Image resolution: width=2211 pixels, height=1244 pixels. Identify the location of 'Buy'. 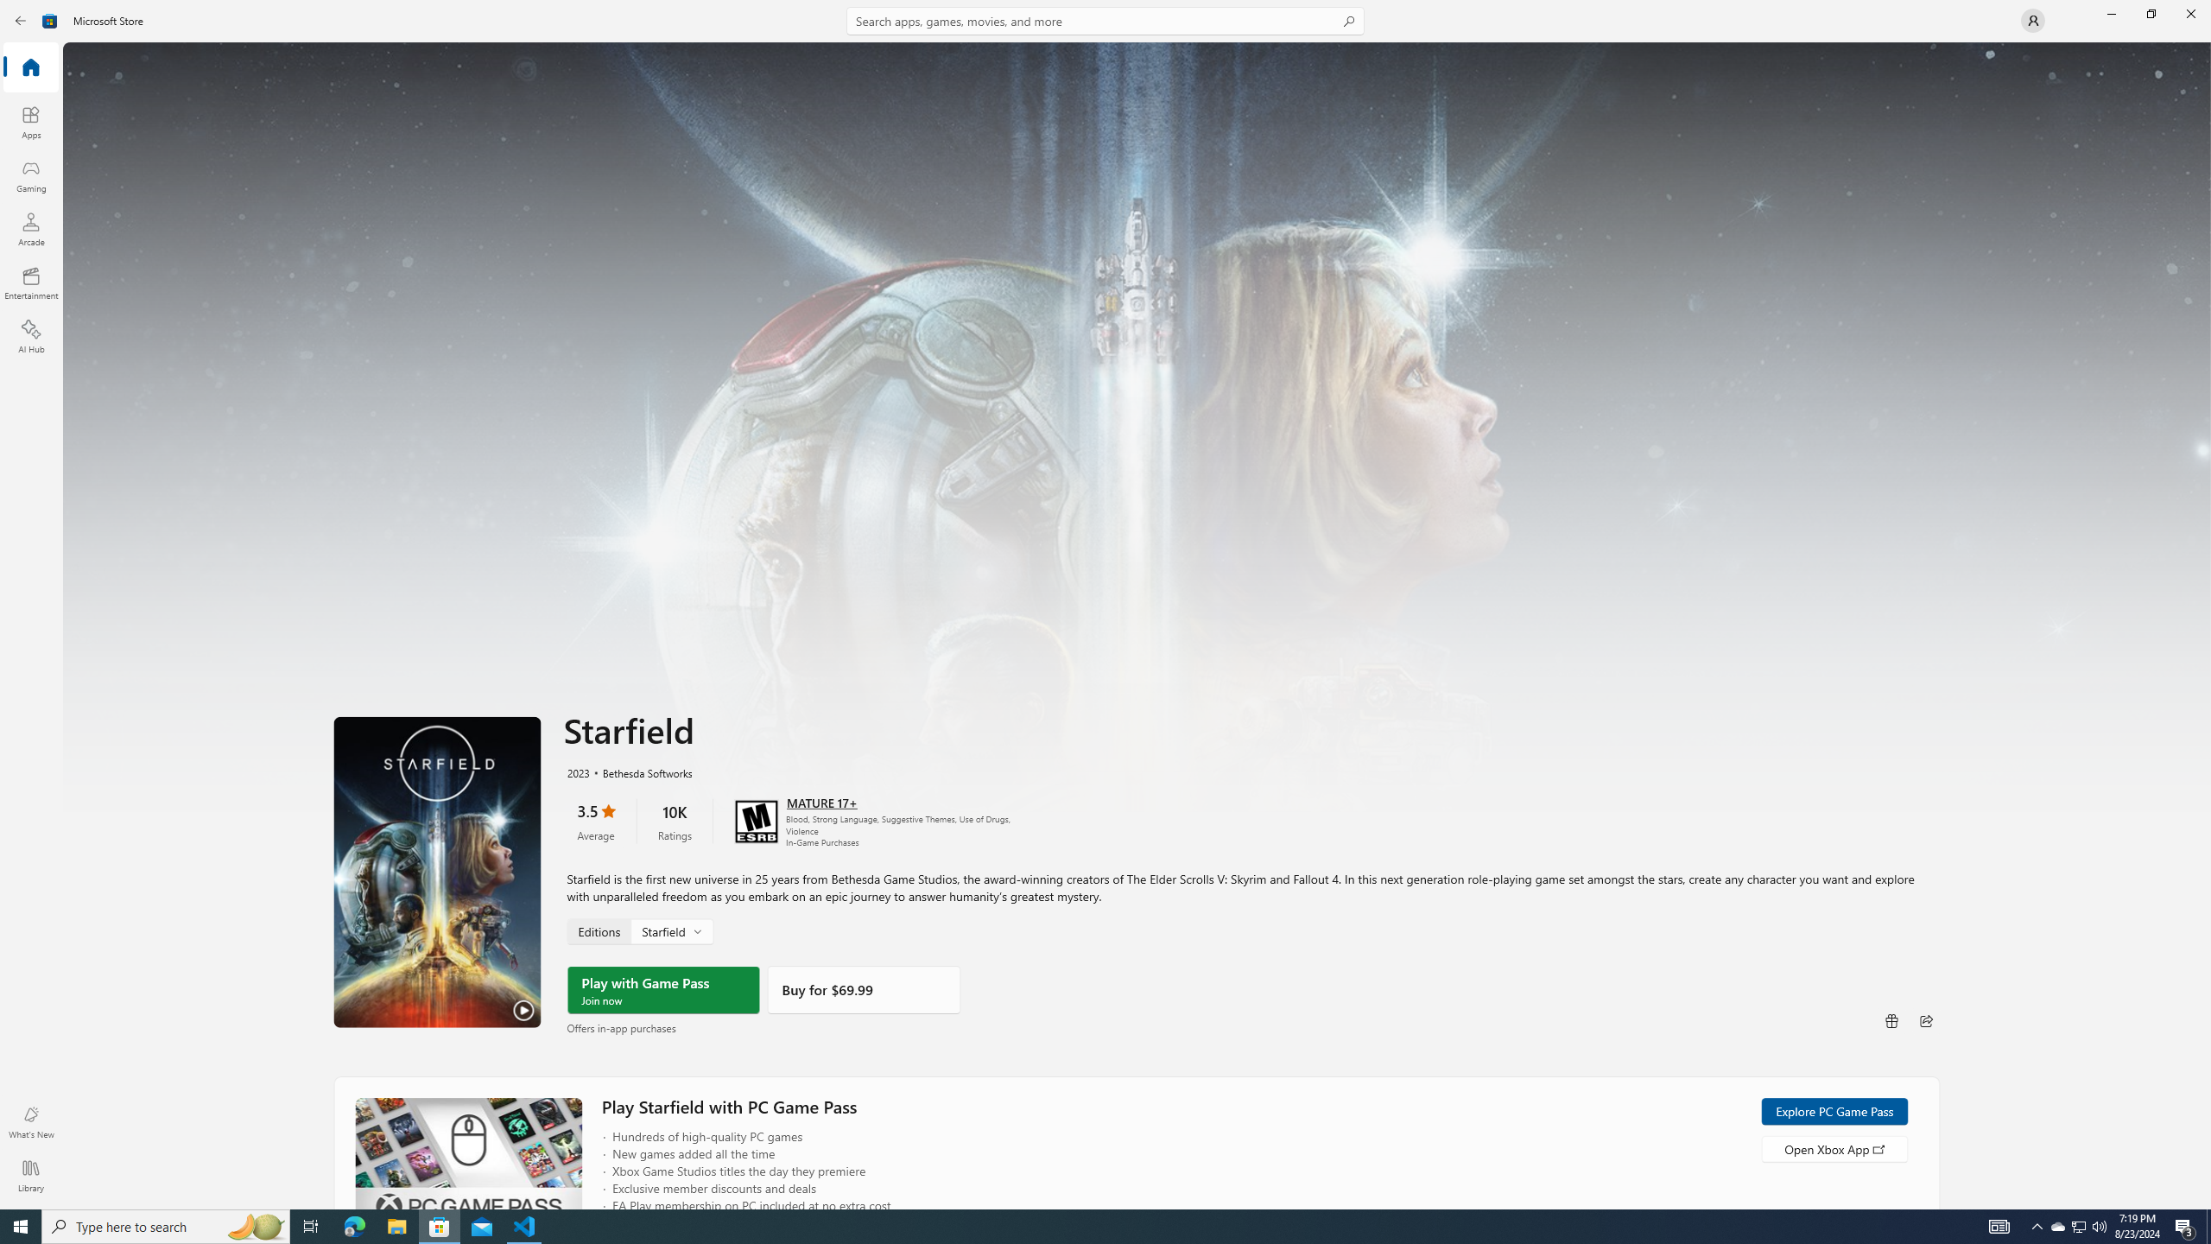
(862, 989).